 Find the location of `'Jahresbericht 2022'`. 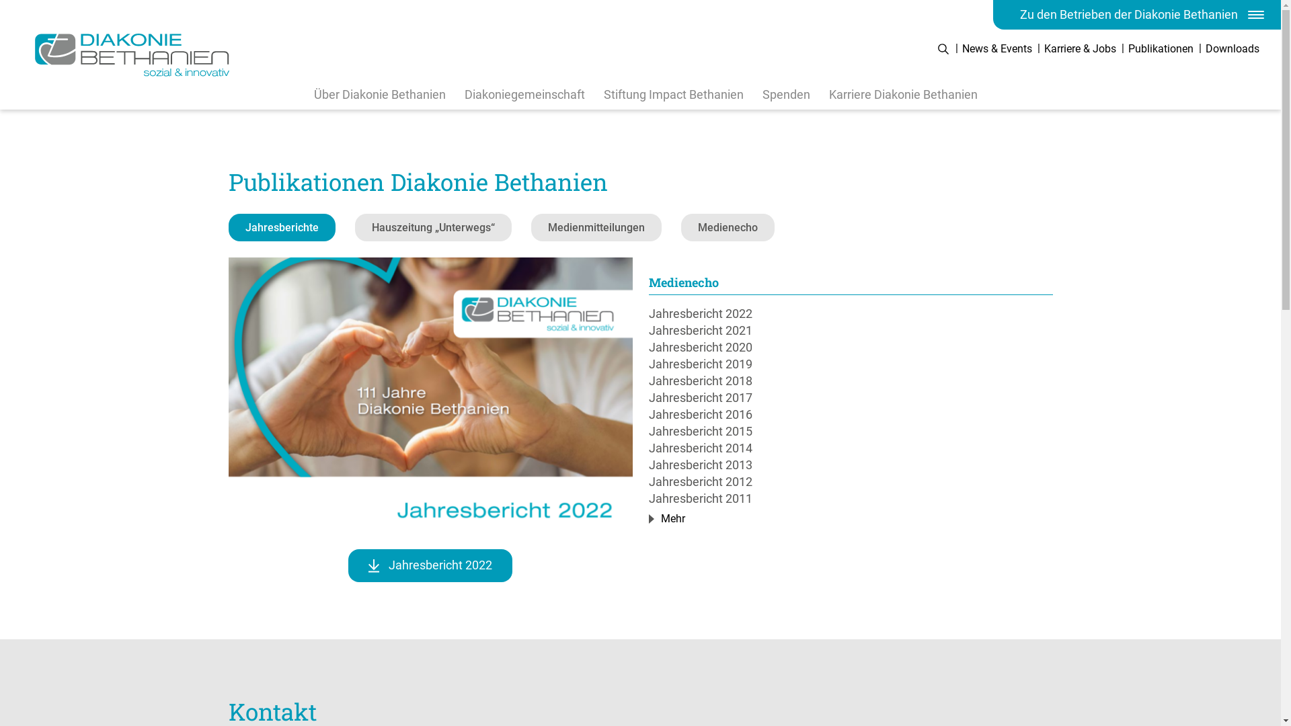

'Jahresbericht 2022' is located at coordinates (849, 313).